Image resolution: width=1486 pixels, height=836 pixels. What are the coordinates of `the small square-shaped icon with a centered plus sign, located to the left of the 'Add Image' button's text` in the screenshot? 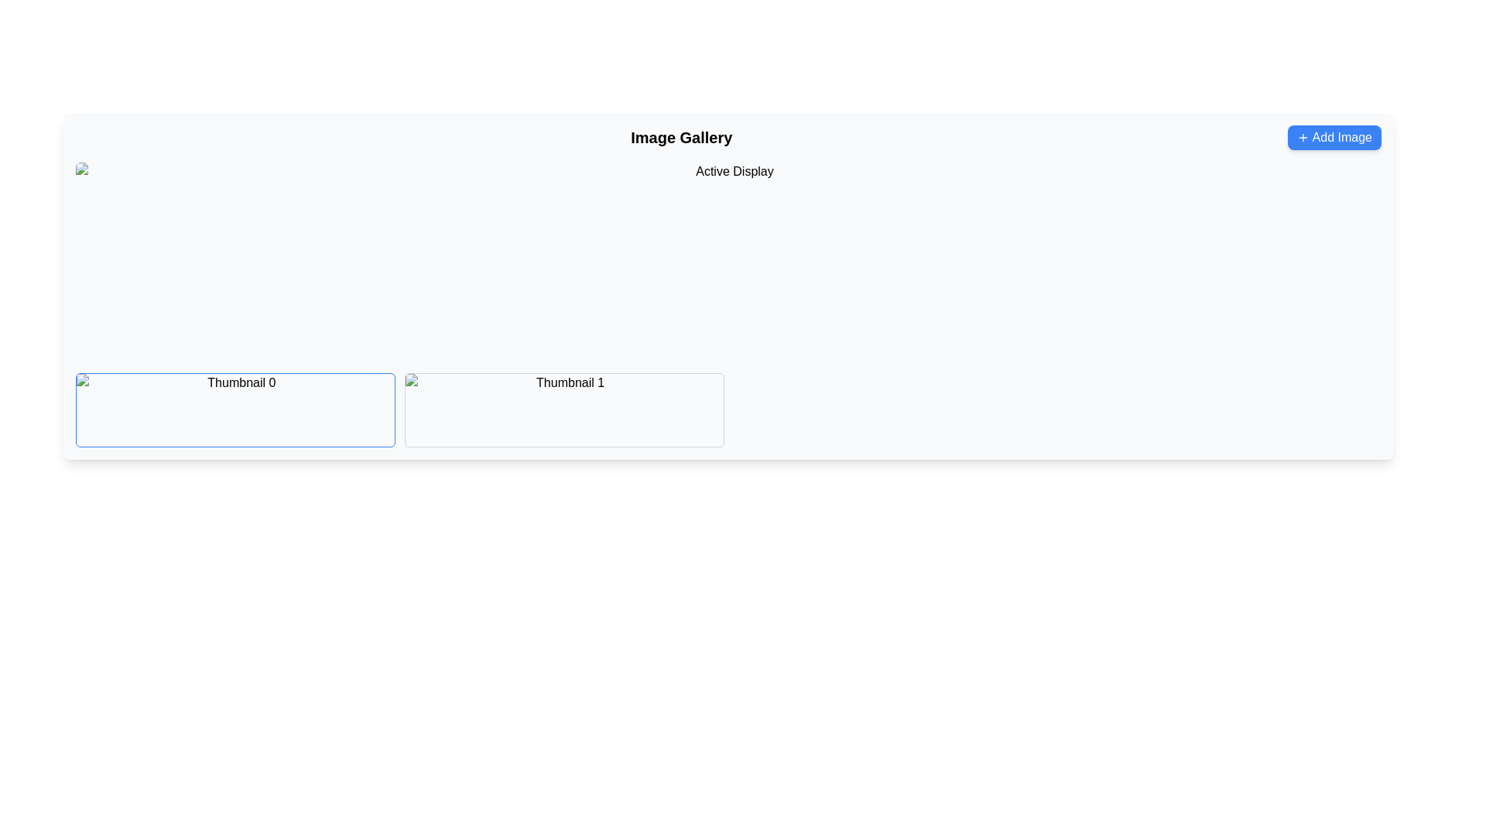 It's located at (1302, 136).